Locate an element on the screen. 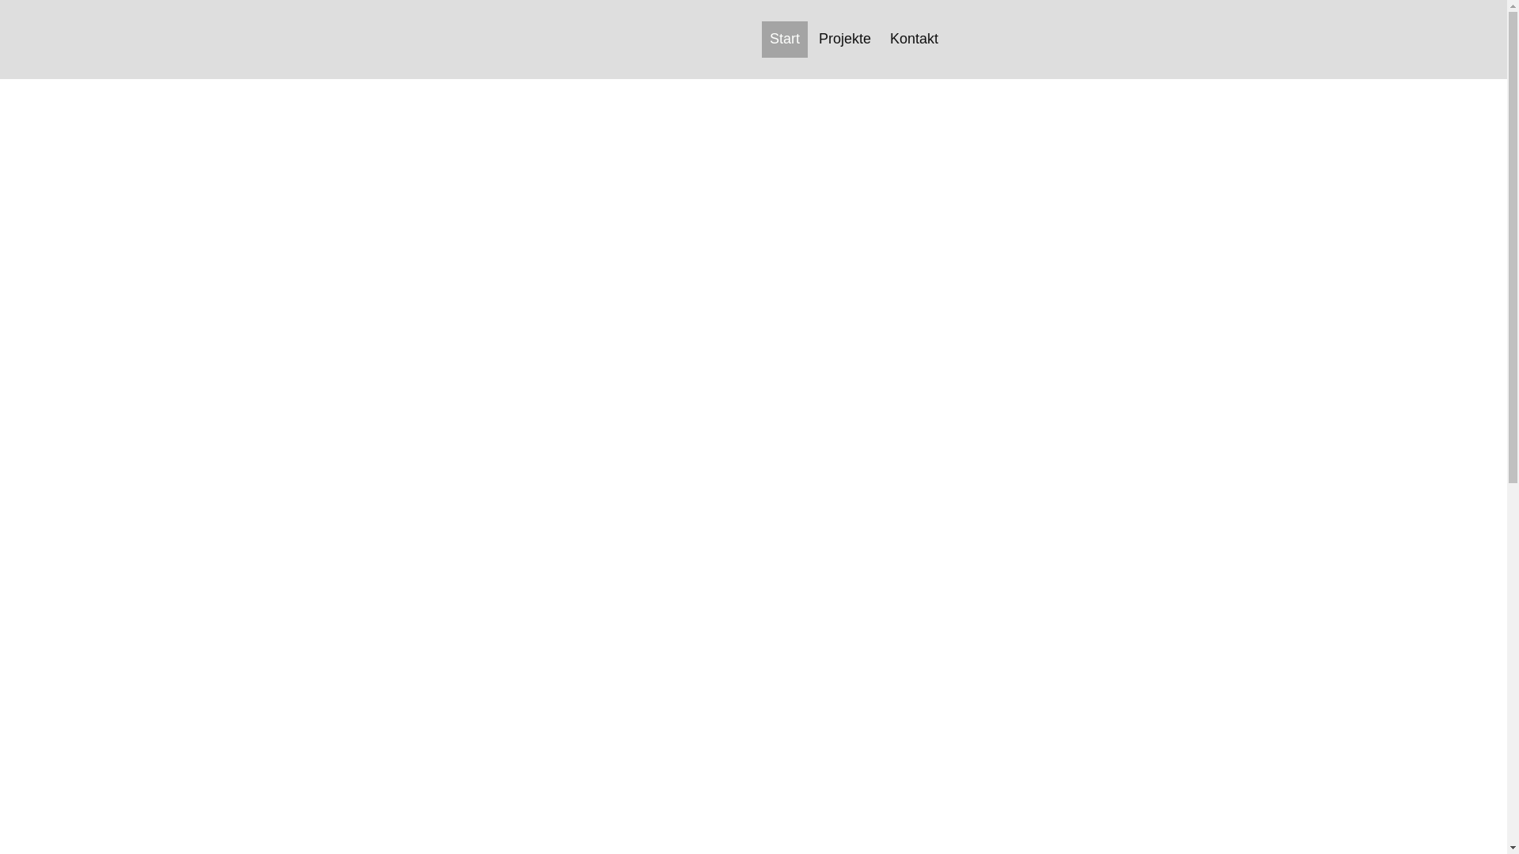 The image size is (1519, 854). 'Start' is located at coordinates (785, 38).